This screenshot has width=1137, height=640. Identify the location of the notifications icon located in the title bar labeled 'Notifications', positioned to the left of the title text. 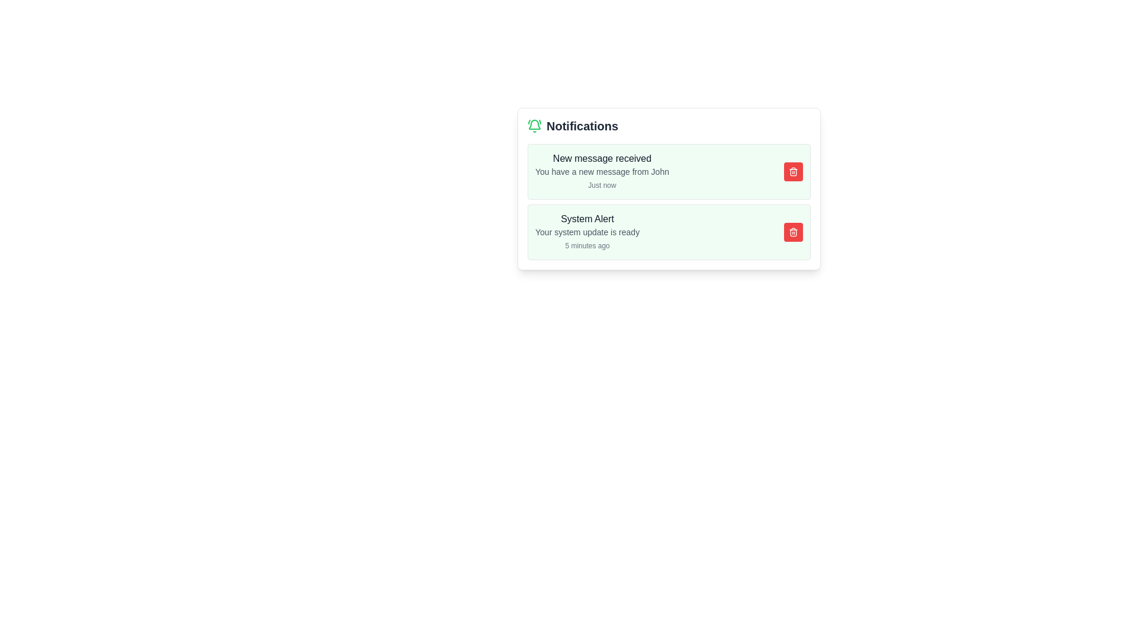
(534, 126).